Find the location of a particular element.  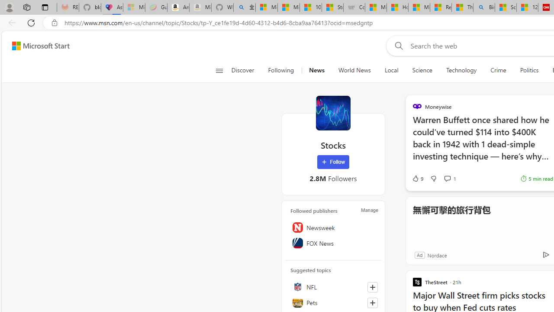

'Politics' is located at coordinates (529, 70).